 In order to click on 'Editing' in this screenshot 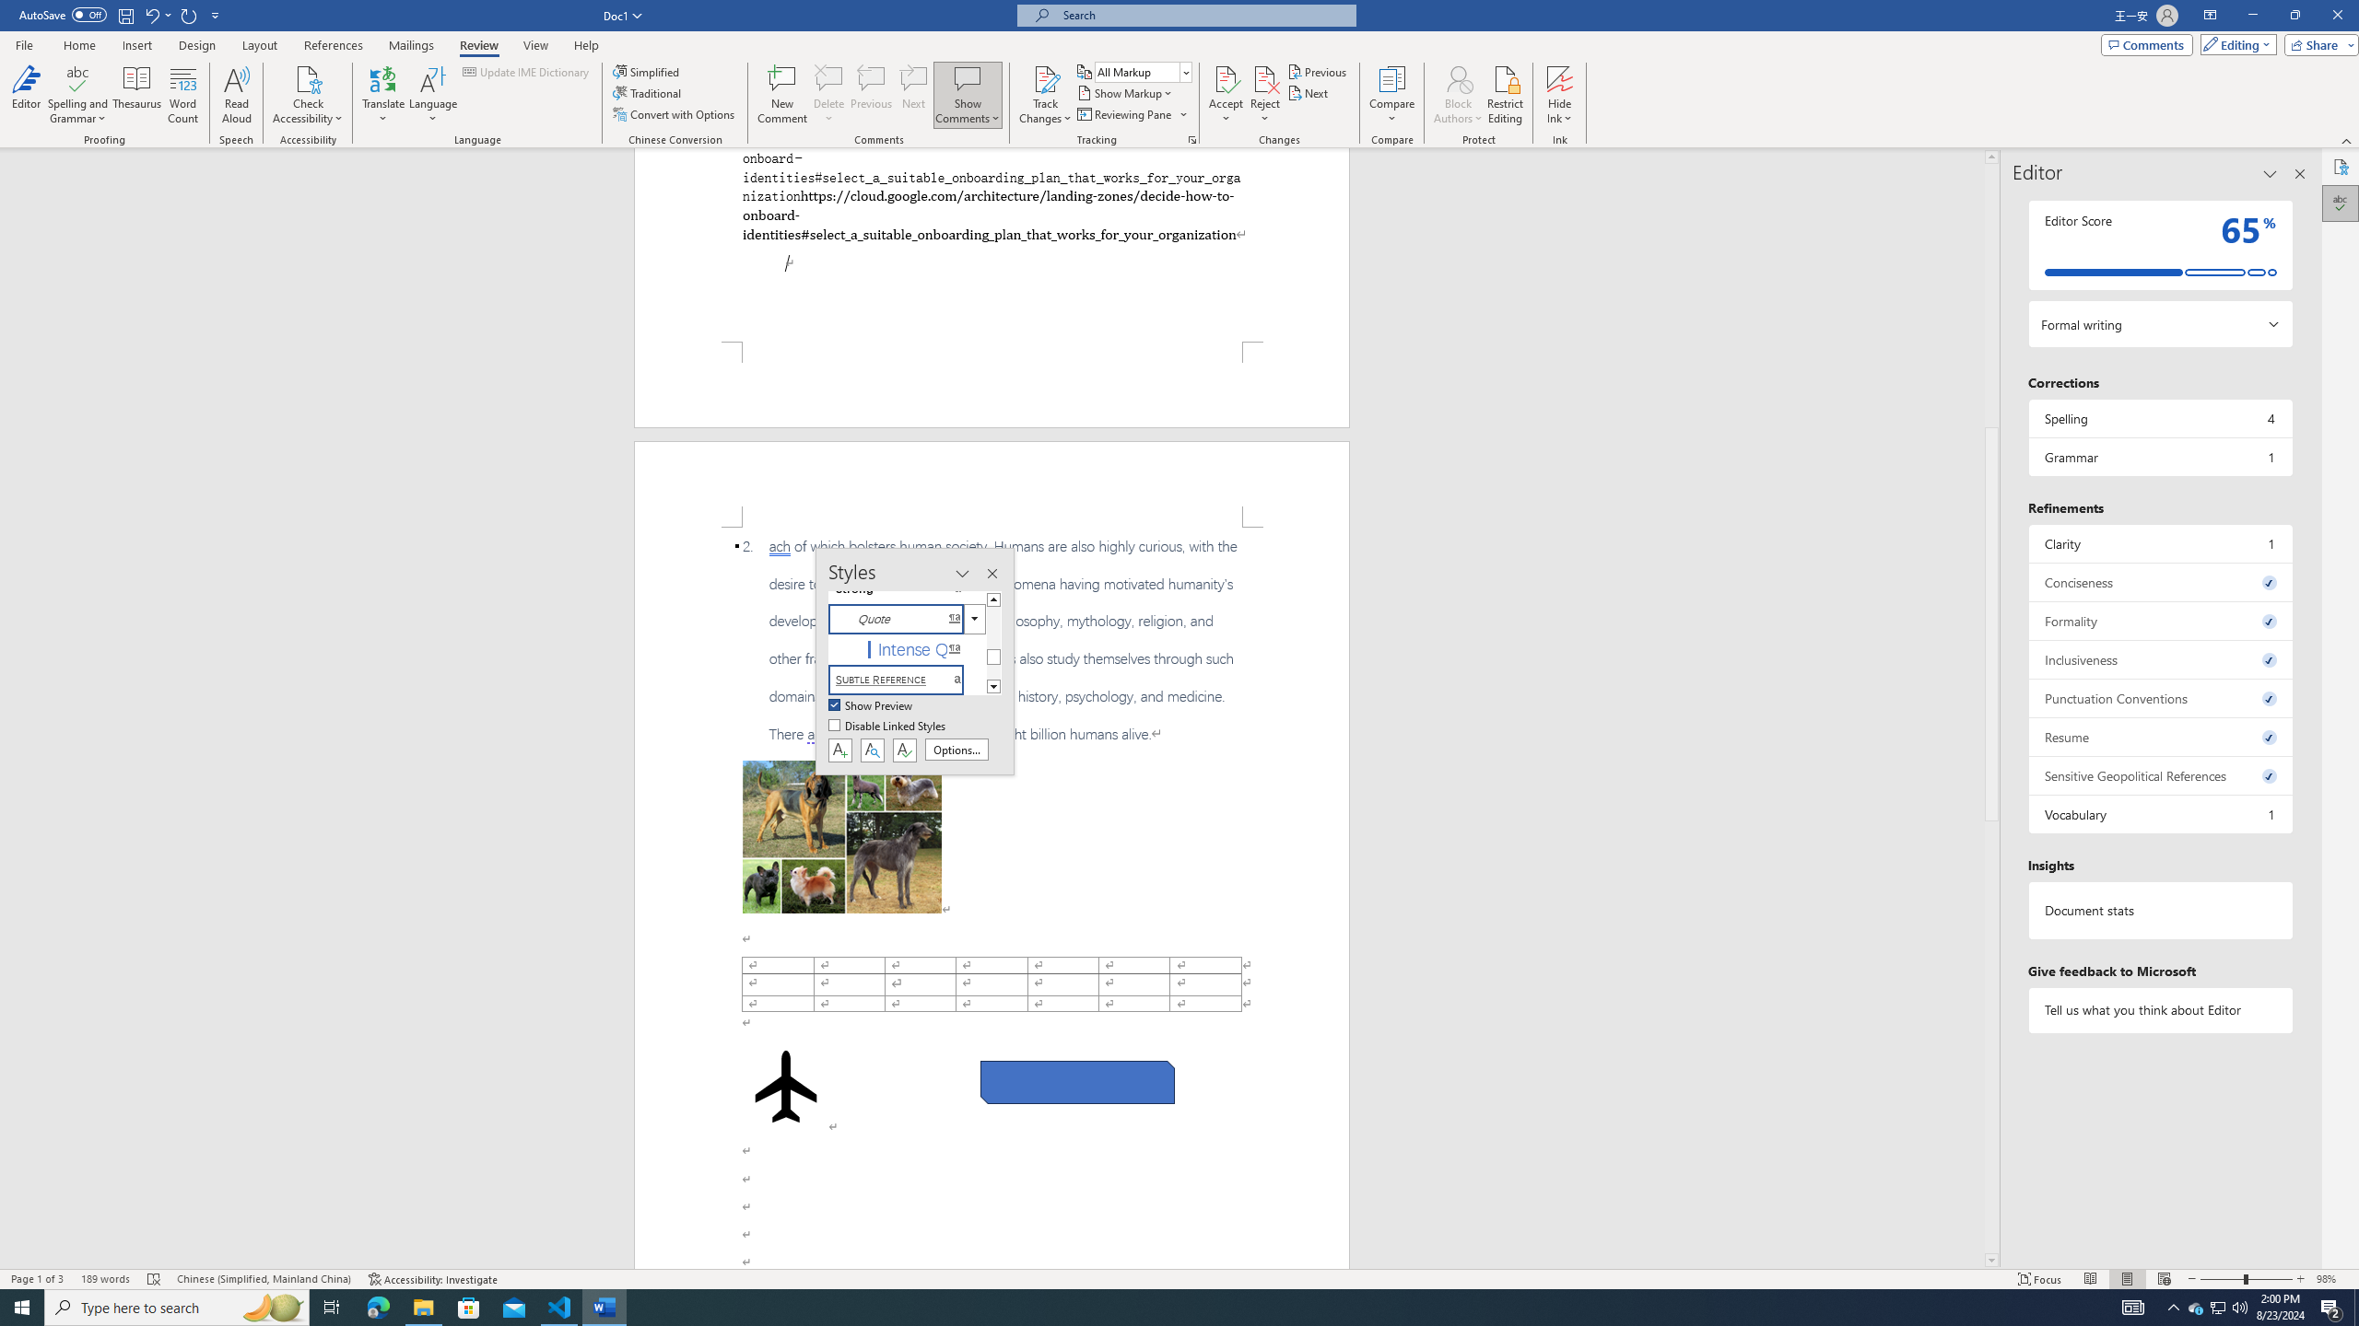, I will do `click(2235, 43)`.